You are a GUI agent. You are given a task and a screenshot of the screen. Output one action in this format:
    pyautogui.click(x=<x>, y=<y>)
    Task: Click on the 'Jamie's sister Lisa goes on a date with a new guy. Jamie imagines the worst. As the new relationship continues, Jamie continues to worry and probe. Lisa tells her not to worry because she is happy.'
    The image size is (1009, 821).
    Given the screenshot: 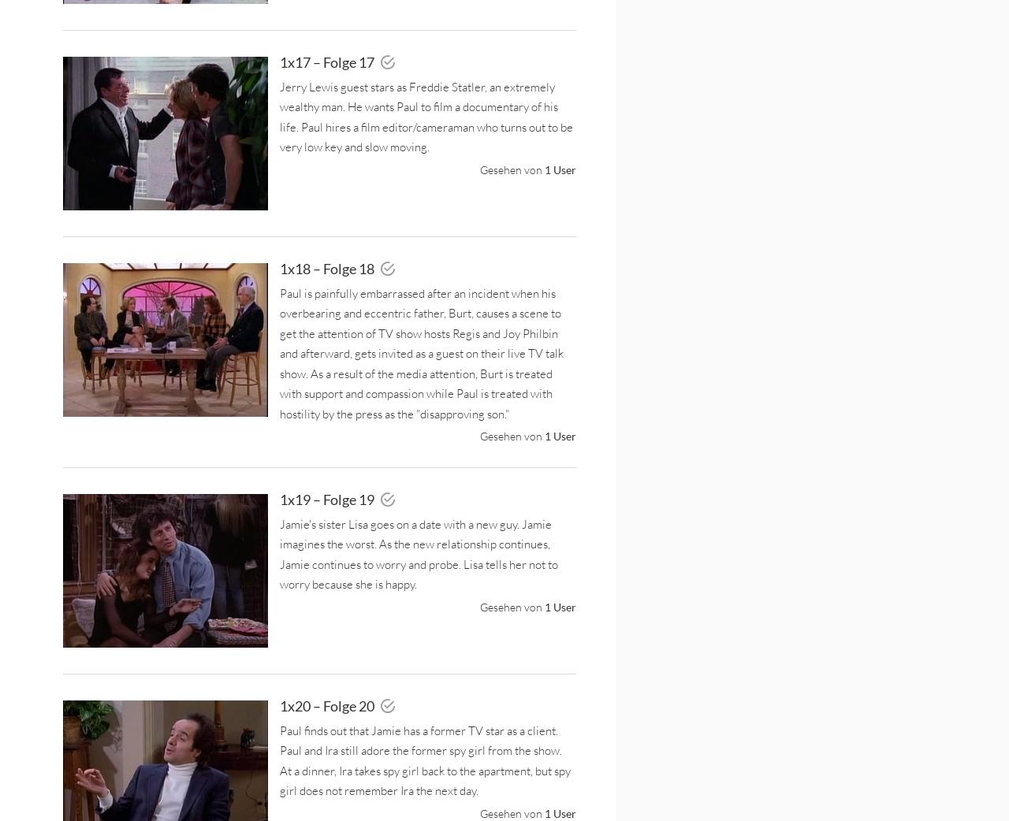 What is the action you would take?
    pyautogui.click(x=279, y=553)
    